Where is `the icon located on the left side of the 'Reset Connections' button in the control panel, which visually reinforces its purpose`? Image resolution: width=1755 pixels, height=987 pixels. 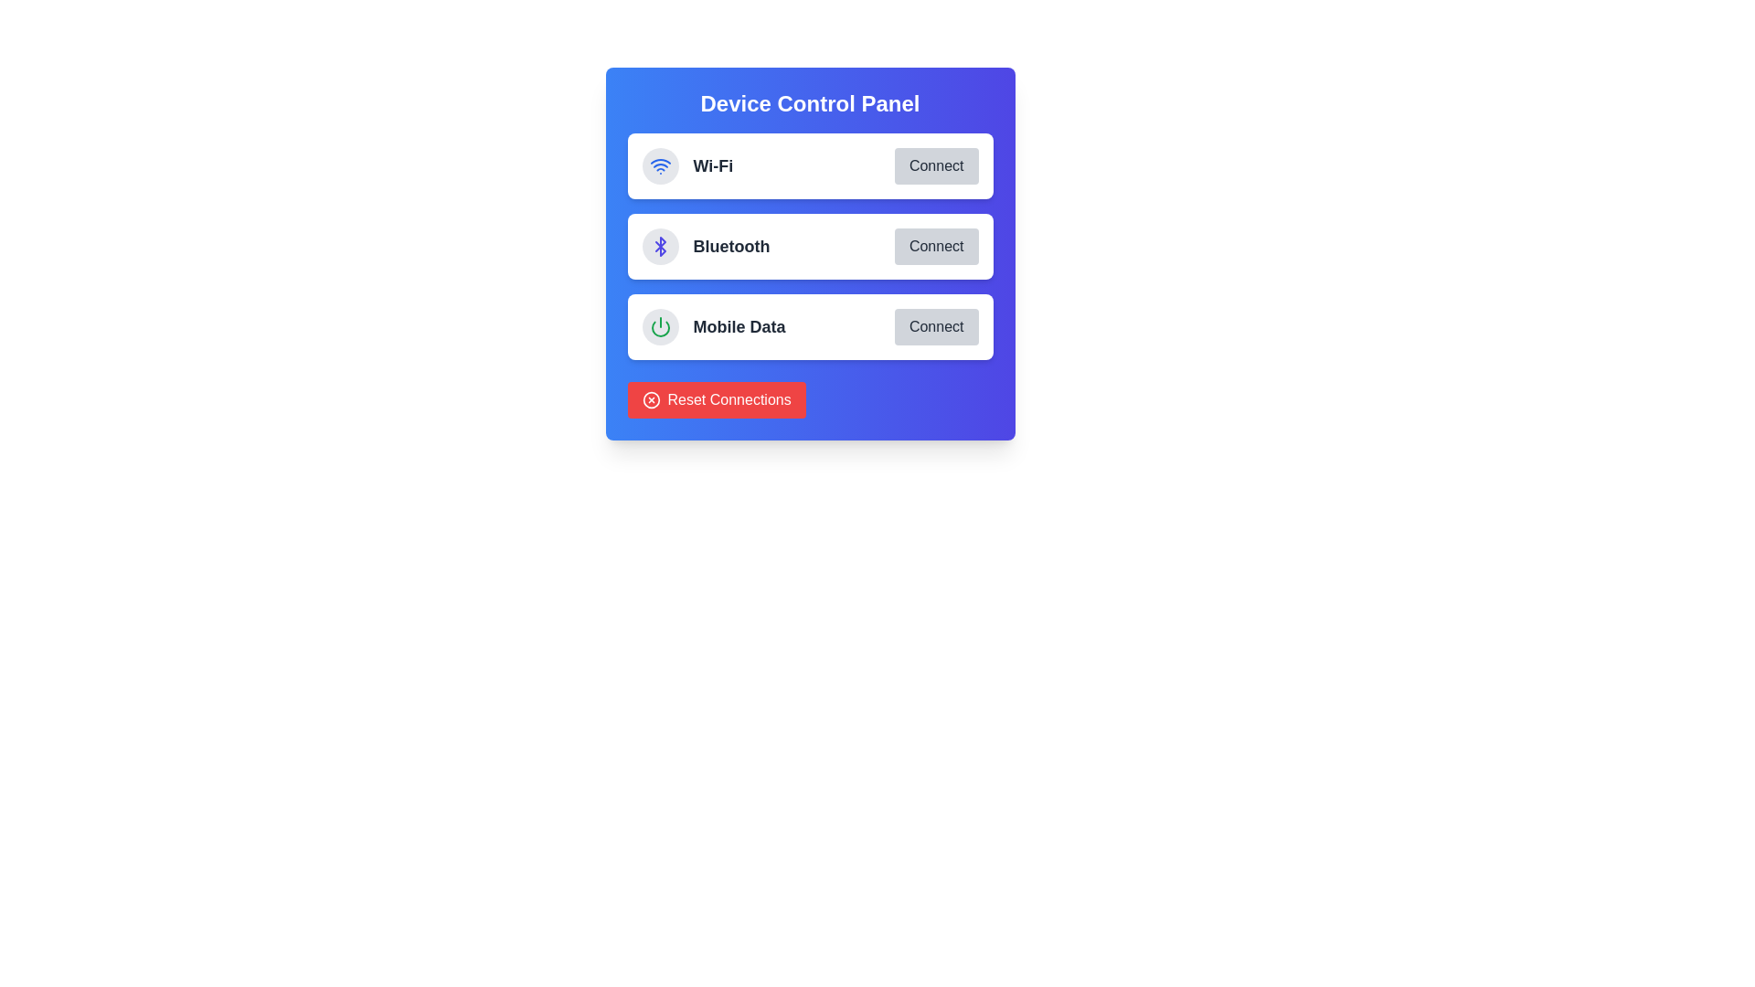
the icon located on the left side of the 'Reset Connections' button in the control panel, which visually reinforces its purpose is located at coordinates (651, 399).